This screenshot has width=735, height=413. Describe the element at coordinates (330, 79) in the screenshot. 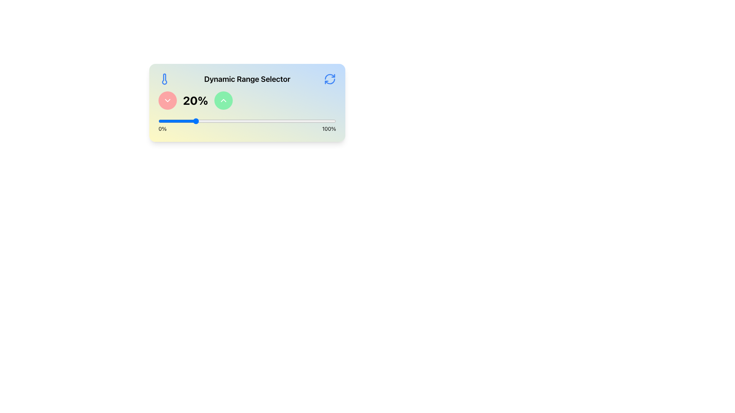

I see `the refresh icon located in the top-right corner of the 'Dynamic Range Selector' card` at that location.